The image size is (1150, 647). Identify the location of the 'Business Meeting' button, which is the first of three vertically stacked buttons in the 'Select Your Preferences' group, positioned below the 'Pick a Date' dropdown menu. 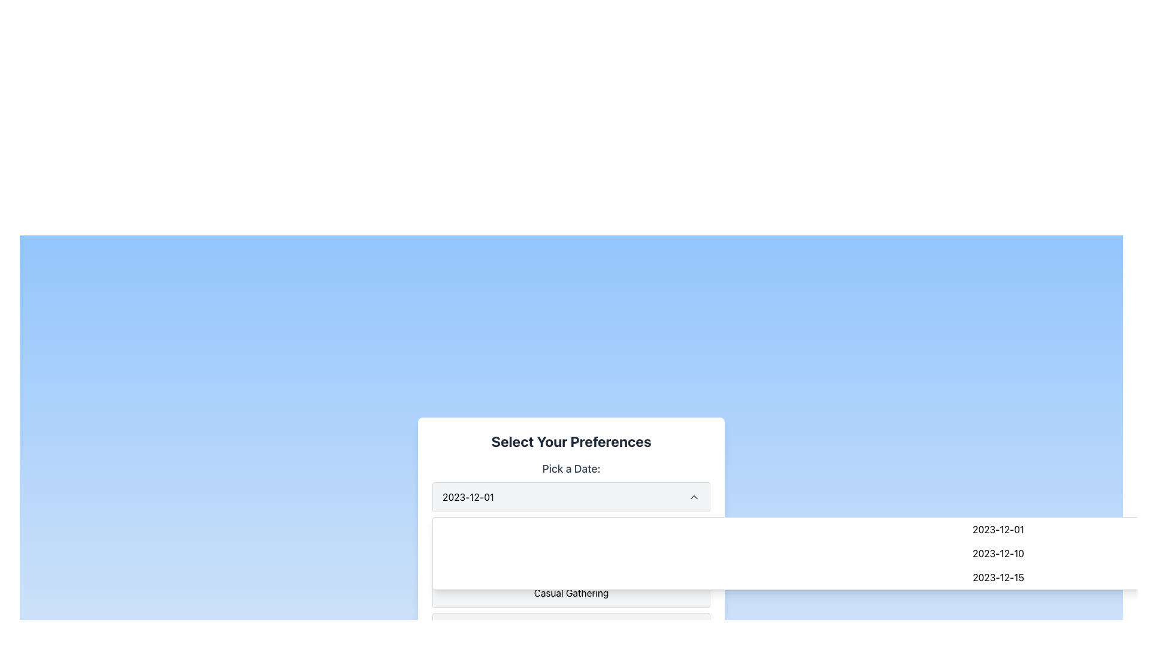
(571, 558).